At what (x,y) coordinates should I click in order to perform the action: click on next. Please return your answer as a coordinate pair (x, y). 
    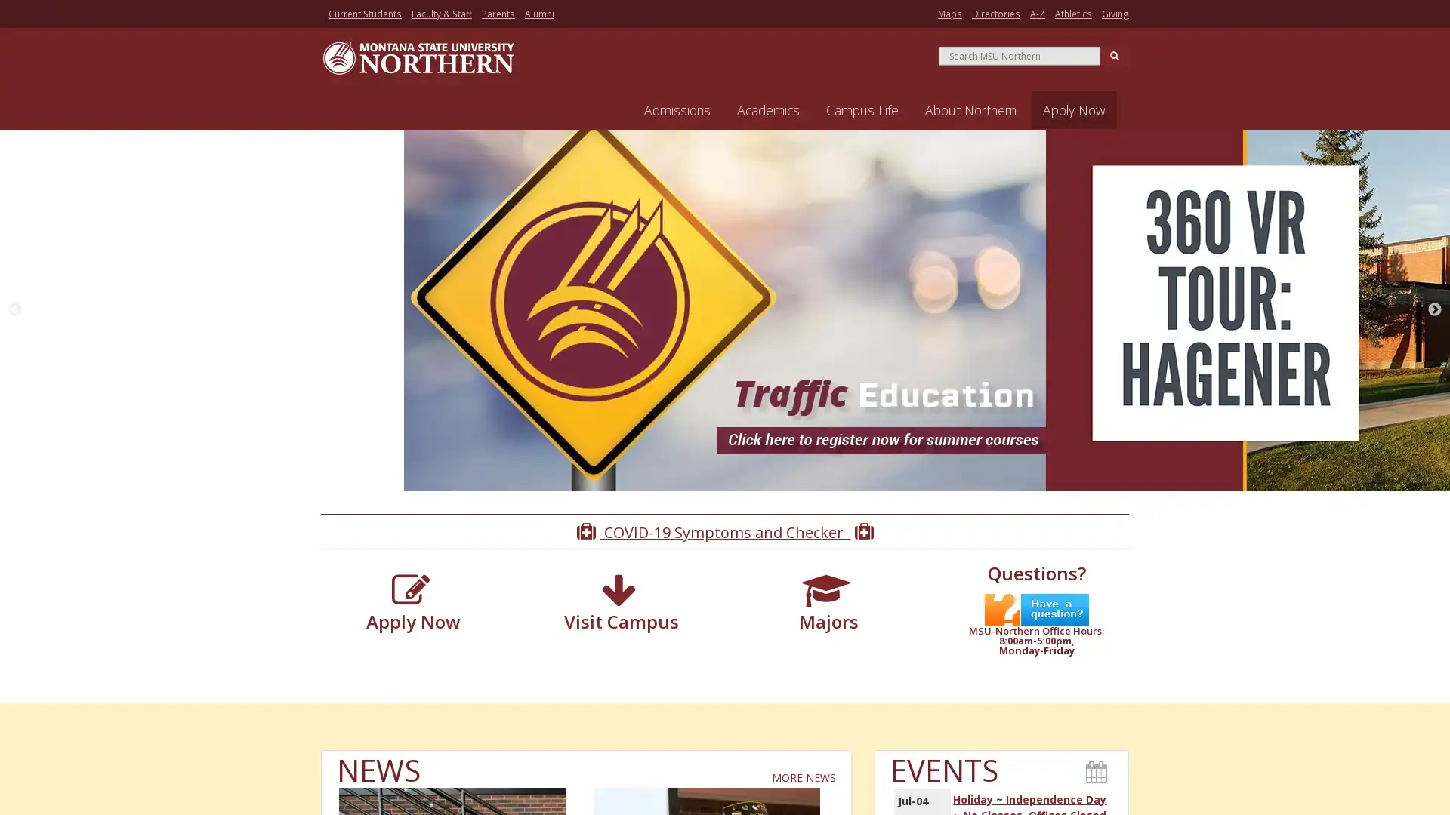
    Looking at the image, I should click on (1434, 310).